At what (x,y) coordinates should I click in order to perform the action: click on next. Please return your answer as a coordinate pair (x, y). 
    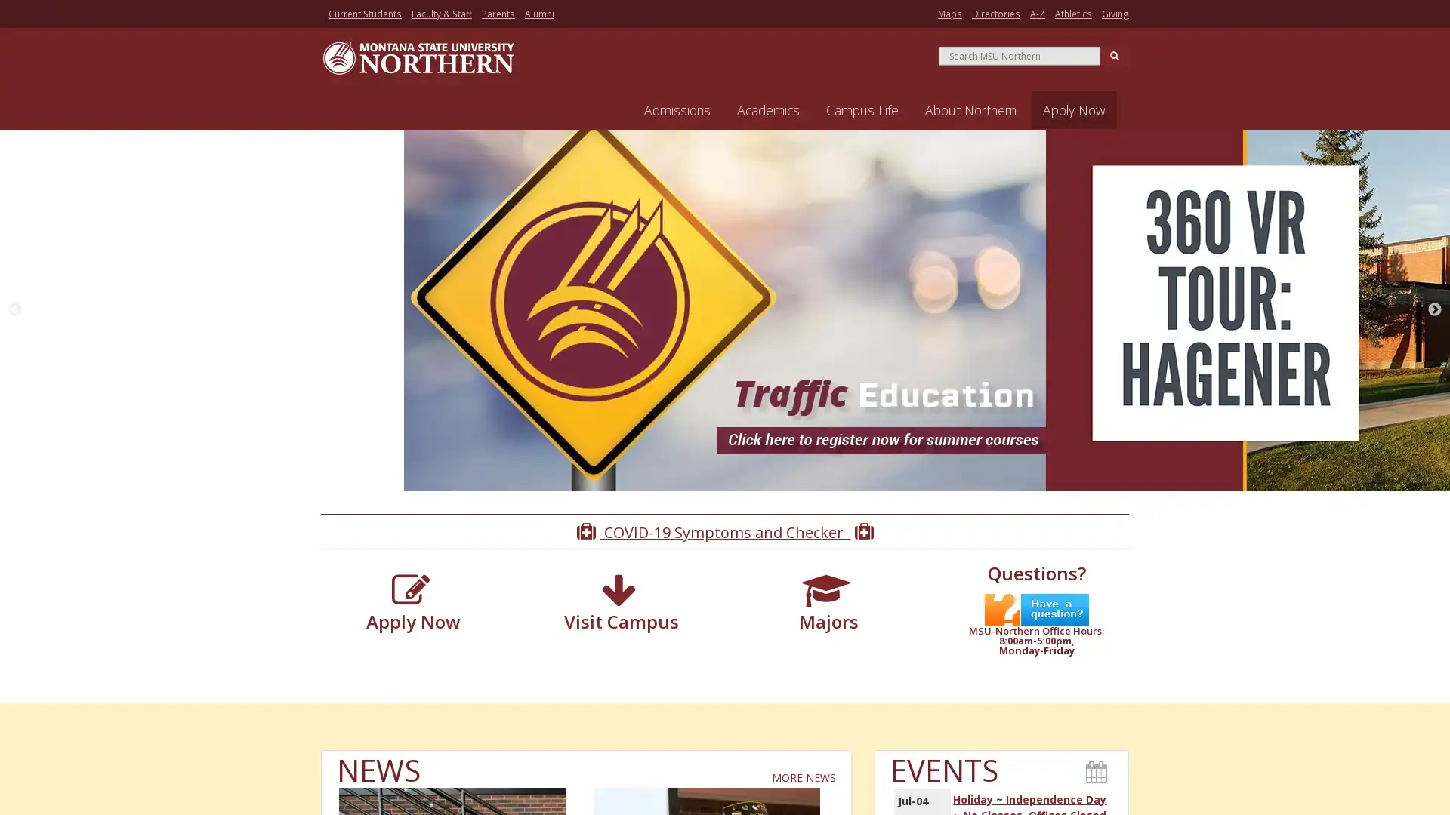
    Looking at the image, I should click on (1434, 310).